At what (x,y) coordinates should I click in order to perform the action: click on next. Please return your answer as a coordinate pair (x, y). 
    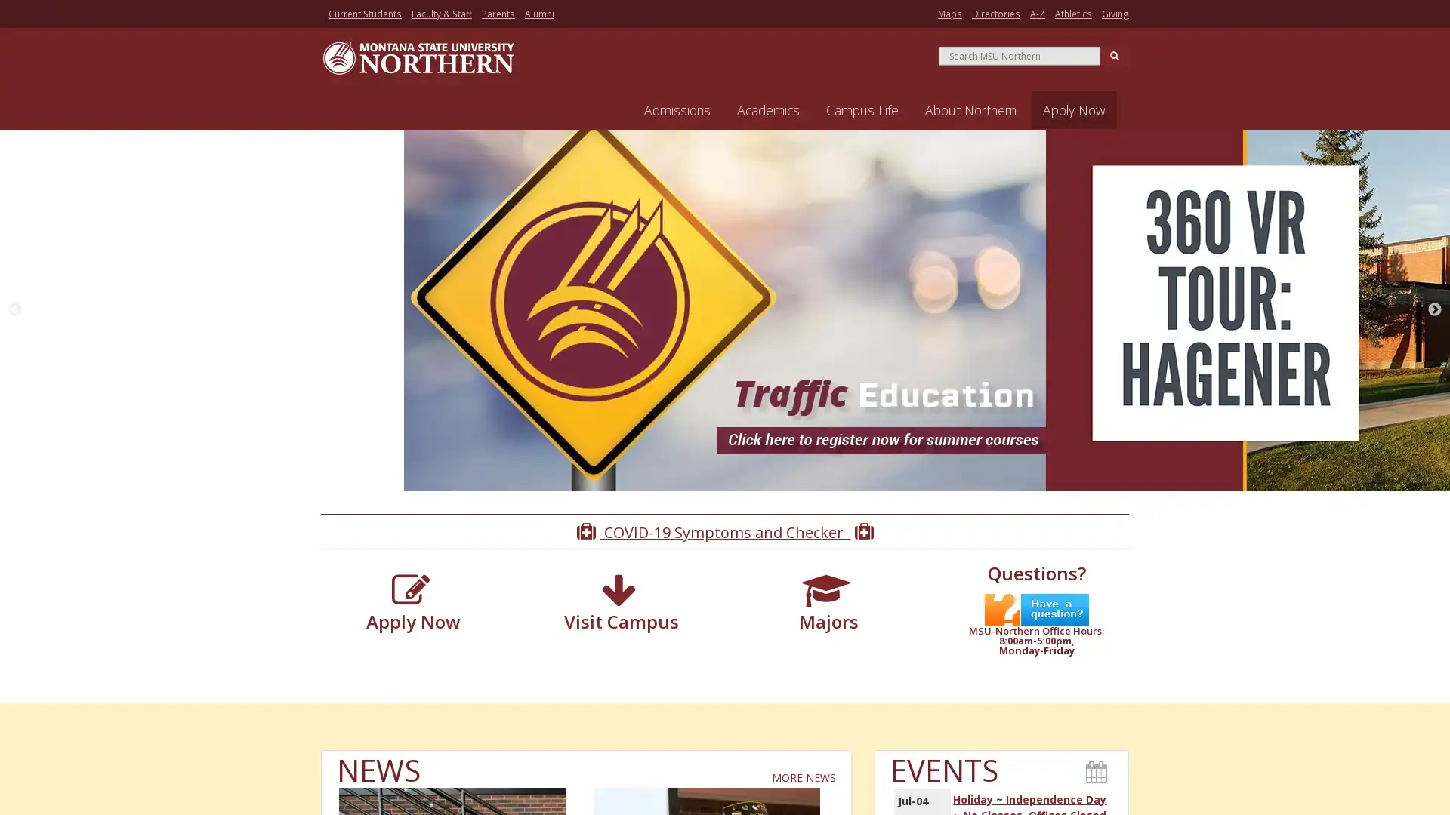
    Looking at the image, I should click on (1434, 310).